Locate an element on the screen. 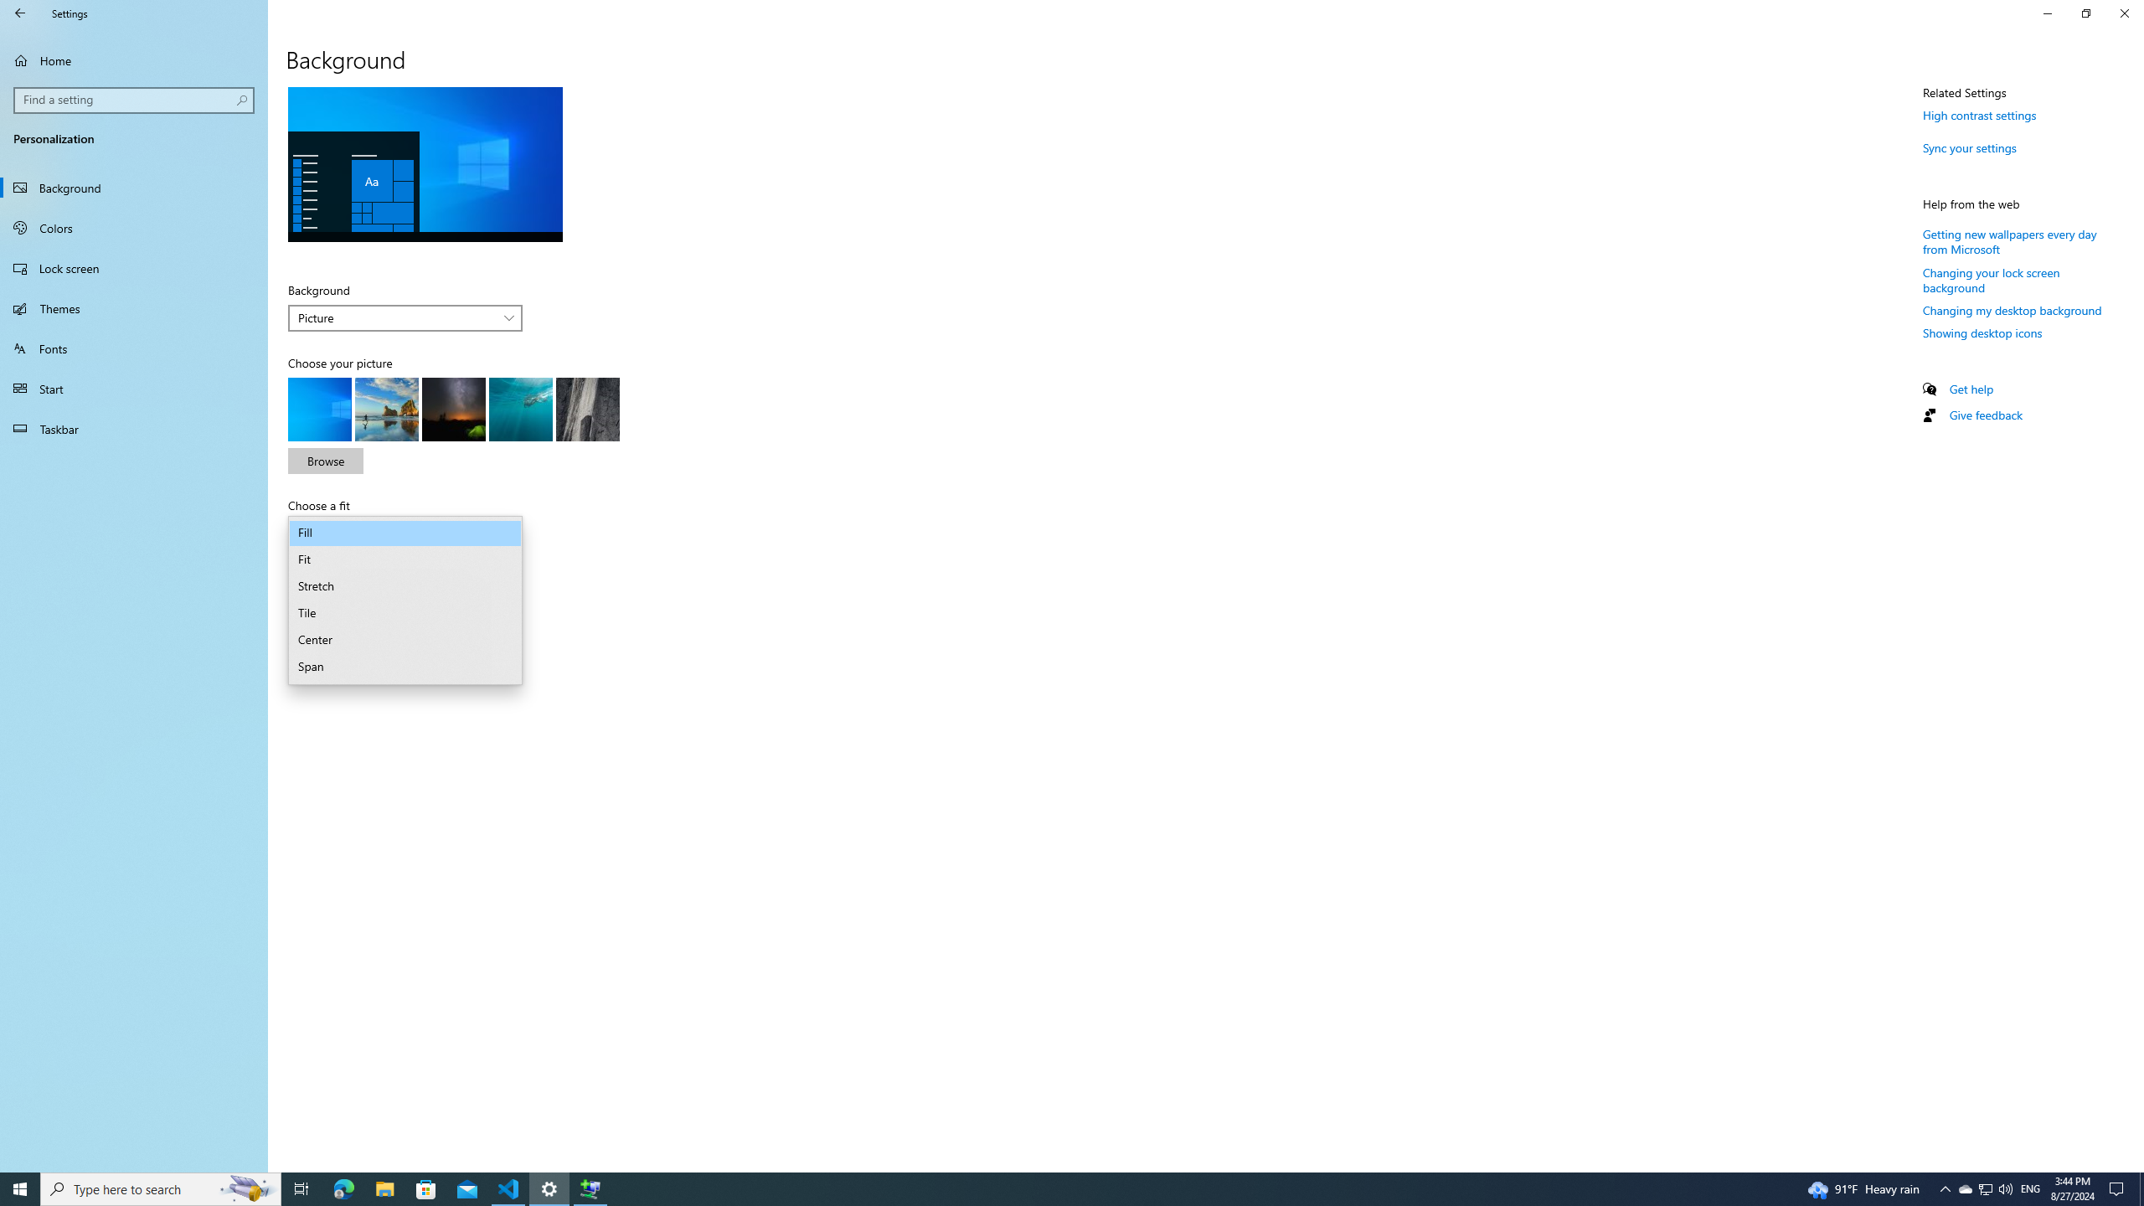 This screenshot has height=1206, width=2144. 'Back' is located at coordinates (20, 13).